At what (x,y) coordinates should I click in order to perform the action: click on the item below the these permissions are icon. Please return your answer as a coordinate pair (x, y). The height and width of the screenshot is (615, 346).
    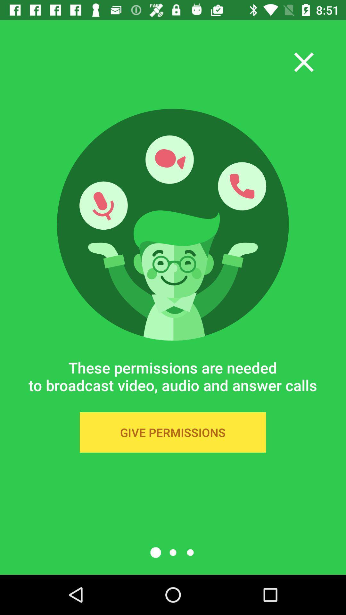
    Looking at the image, I should click on (172, 432).